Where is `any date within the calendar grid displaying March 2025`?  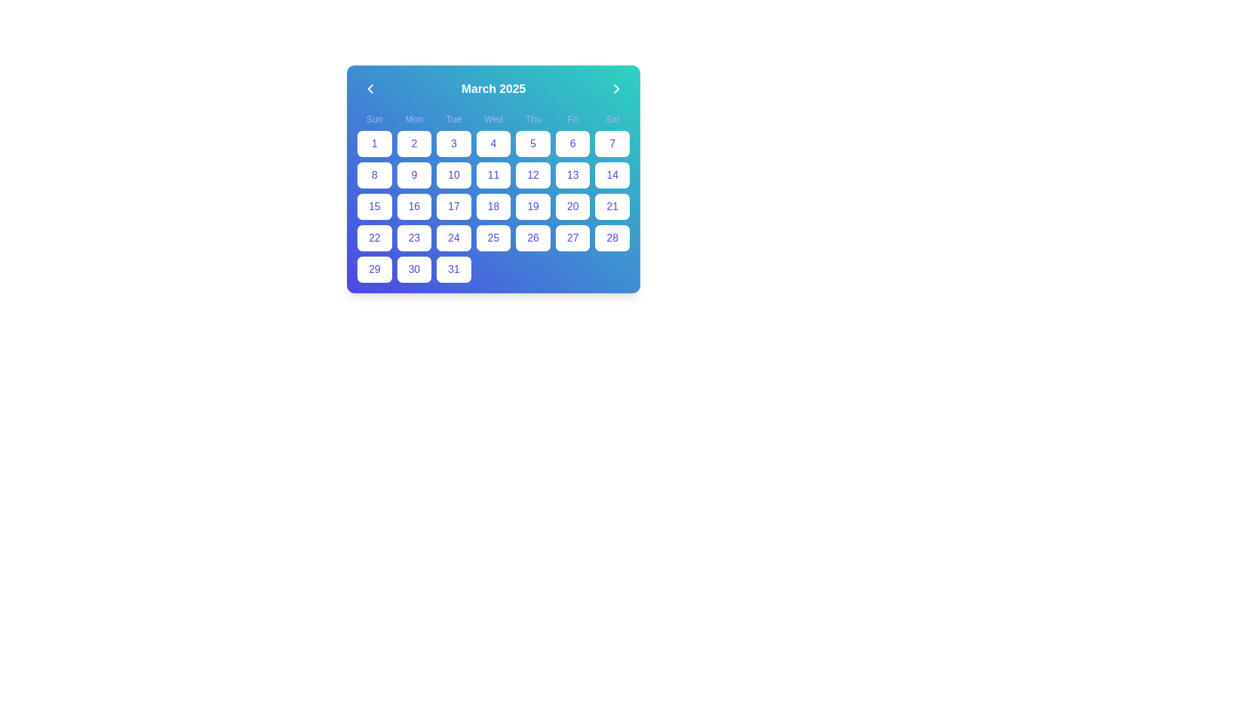 any date within the calendar grid displaying March 2025 is located at coordinates (492, 197).